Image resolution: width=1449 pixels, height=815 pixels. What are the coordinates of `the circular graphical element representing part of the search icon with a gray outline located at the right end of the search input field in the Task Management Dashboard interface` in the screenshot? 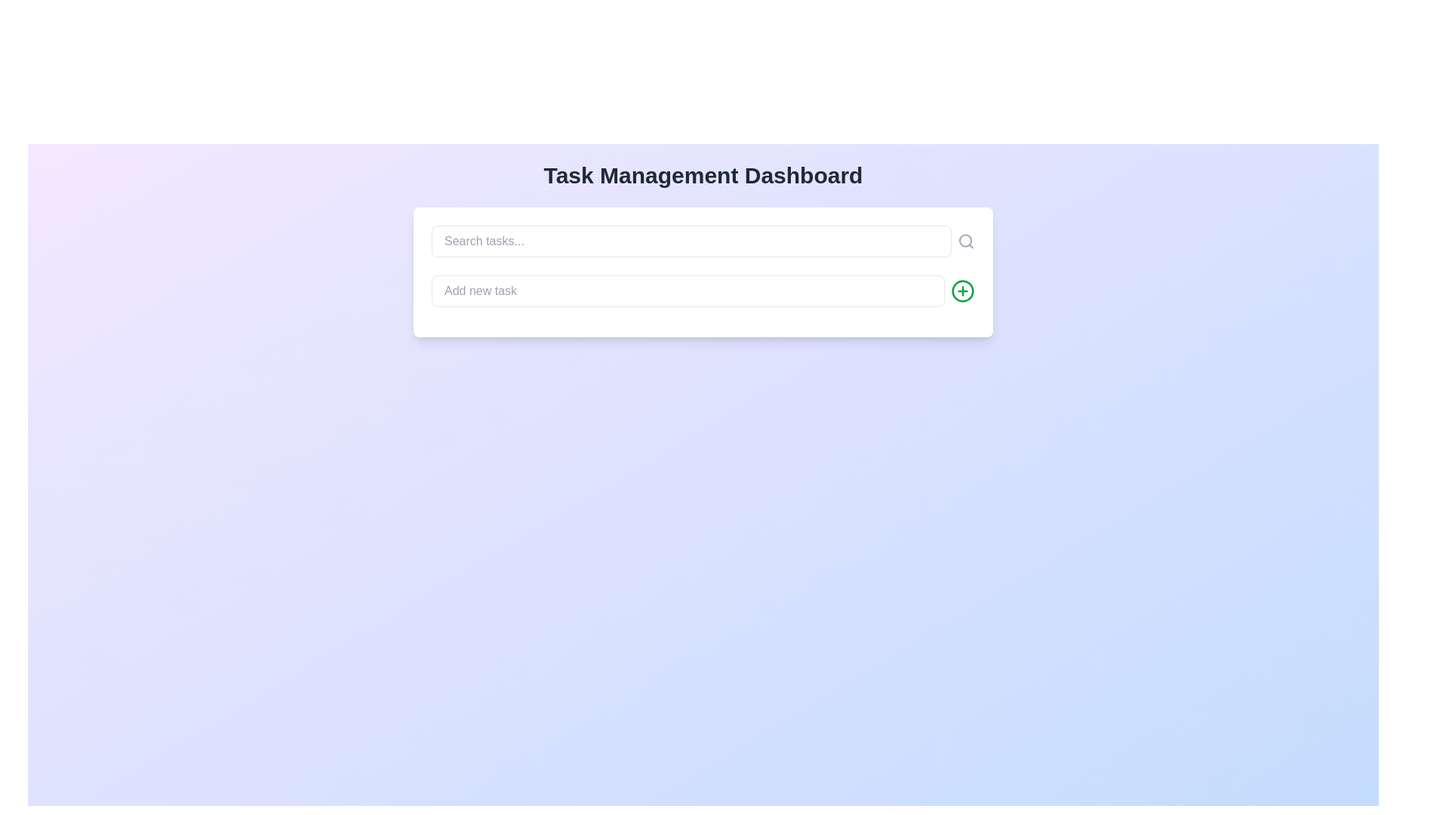 It's located at (964, 240).